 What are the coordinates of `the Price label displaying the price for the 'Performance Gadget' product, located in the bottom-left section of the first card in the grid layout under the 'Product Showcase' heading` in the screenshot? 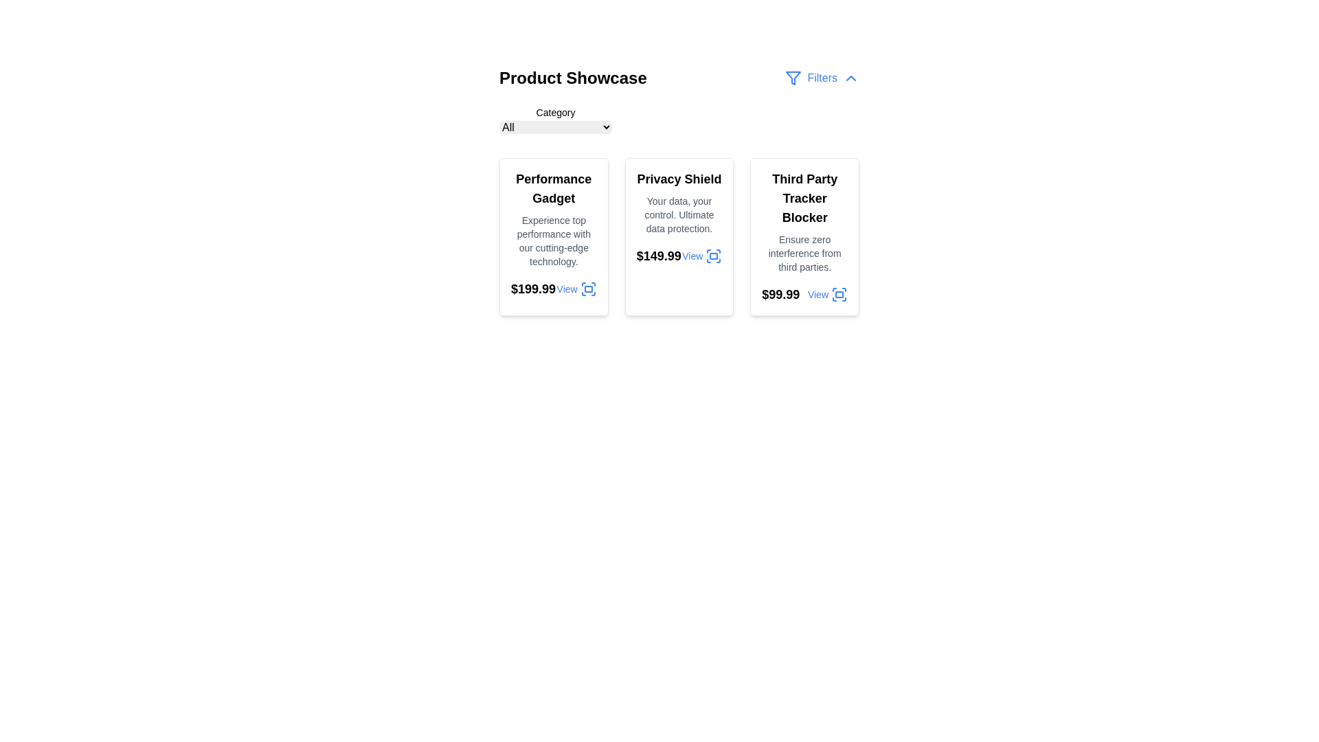 It's located at (532, 288).